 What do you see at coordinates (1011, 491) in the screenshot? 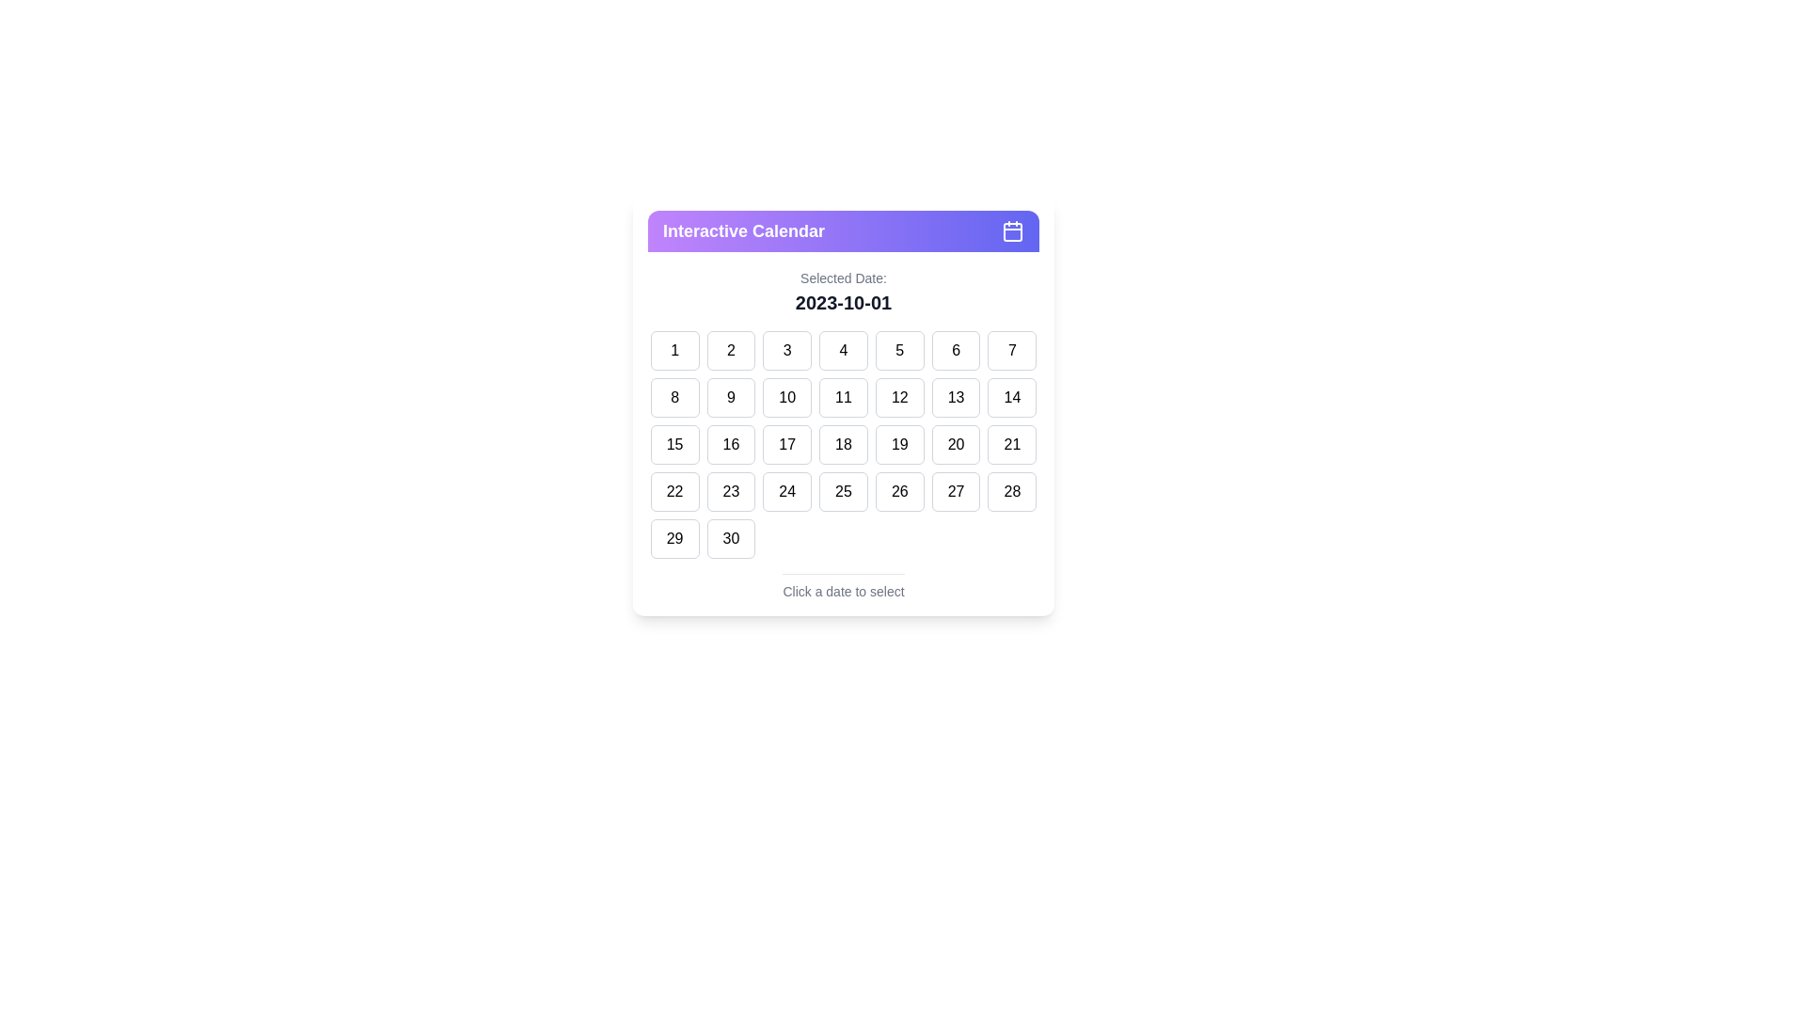
I see `the square-shaped button displaying the number '28'` at bounding box center [1011, 491].